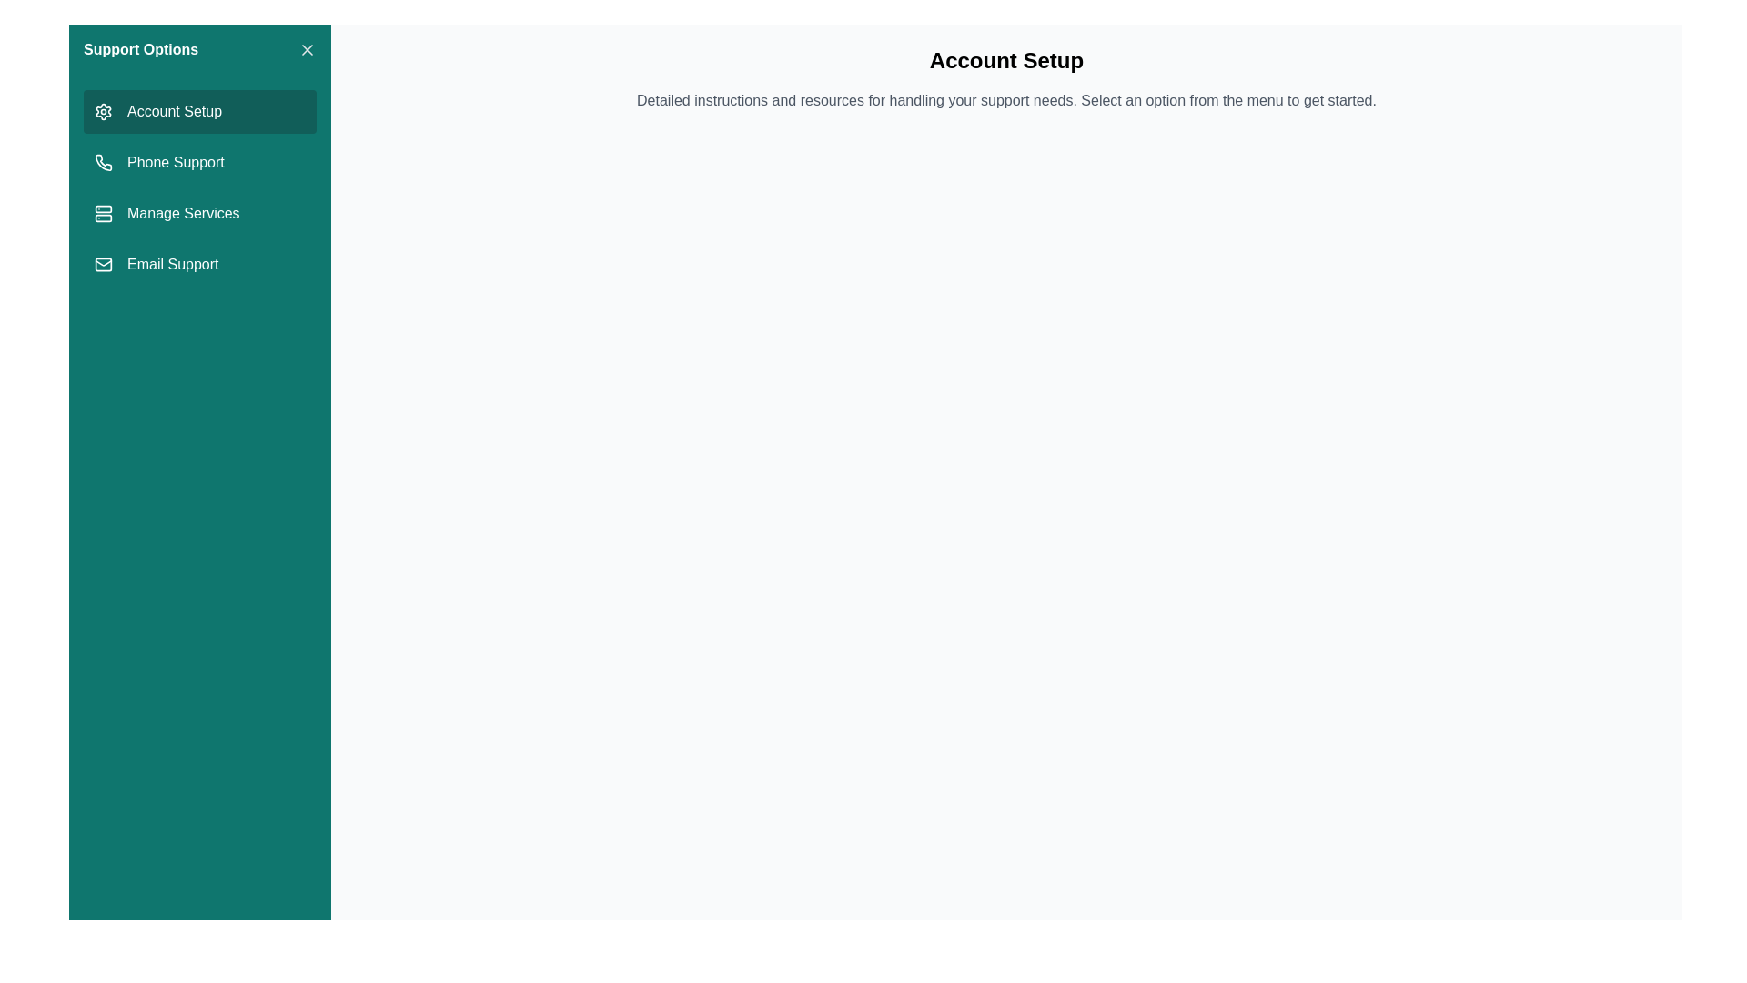 The height and width of the screenshot is (983, 1747). What do you see at coordinates (103, 161) in the screenshot?
I see `the 'Phone Support' icon in the sidebar menu for any visual changes or labels that may appear` at bounding box center [103, 161].